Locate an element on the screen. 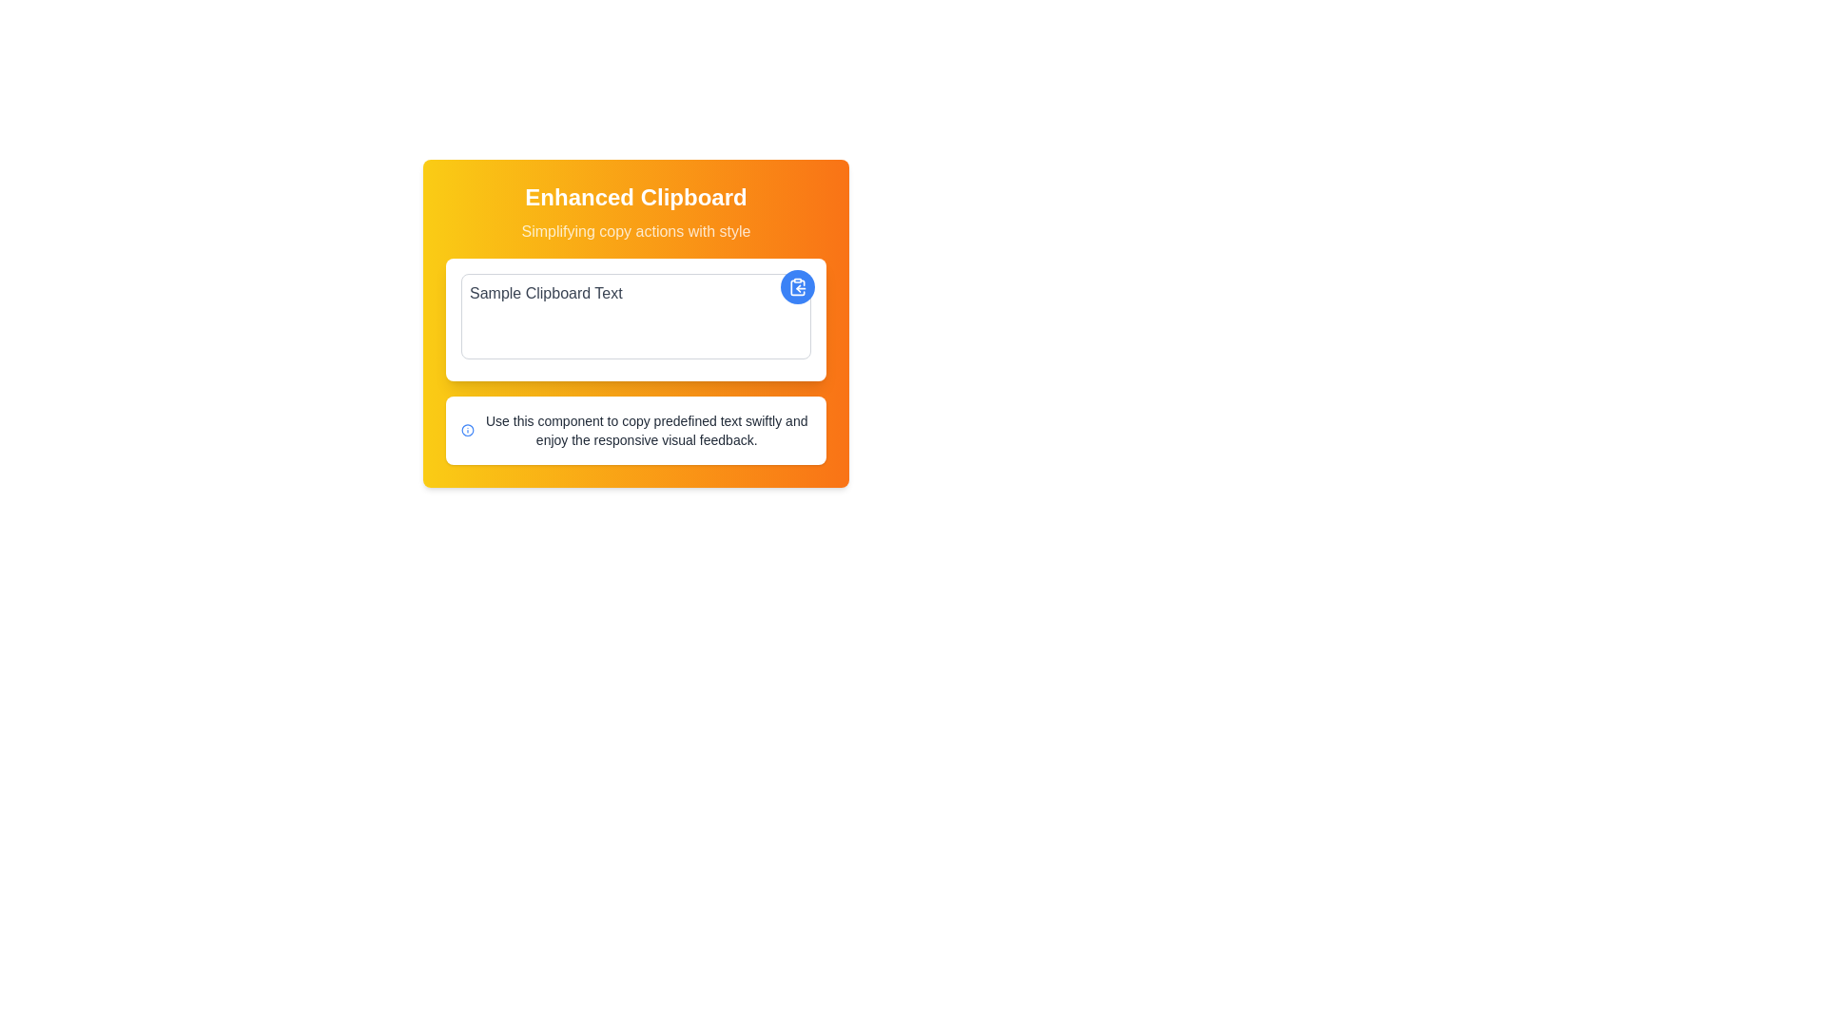  text of the main title or heading located near the center-top of the enclosing orange box, above the subtitle 'Simplifying copy actions with style' is located at coordinates (635, 198).